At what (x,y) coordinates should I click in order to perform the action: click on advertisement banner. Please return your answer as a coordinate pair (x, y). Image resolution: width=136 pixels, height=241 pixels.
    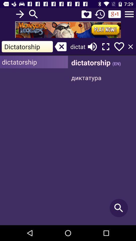
    Looking at the image, I should click on (68, 29).